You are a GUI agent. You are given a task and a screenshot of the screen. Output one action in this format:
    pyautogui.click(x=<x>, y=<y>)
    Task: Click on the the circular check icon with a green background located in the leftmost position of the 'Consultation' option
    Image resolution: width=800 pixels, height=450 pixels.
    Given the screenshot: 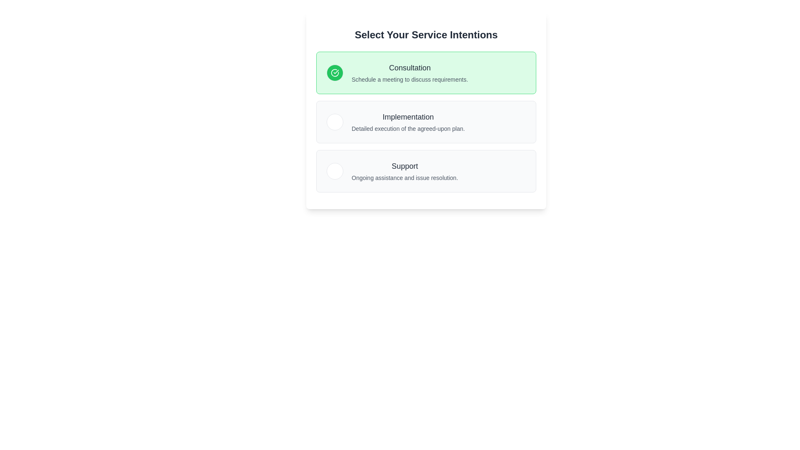 What is the action you would take?
    pyautogui.click(x=335, y=72)
    